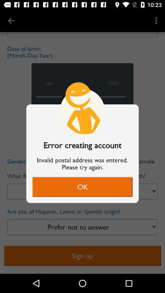  I want to click on the icon below invalid postal address icon, so click(82, 186).